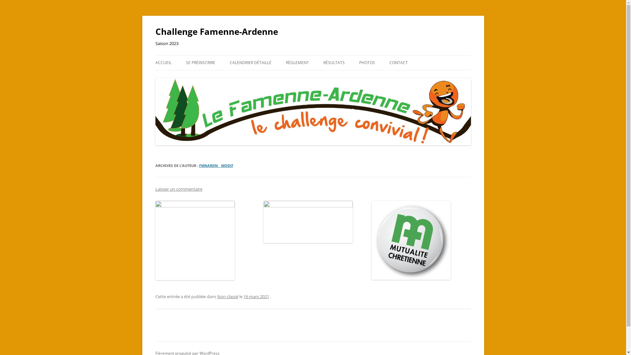 The height and width of the screenshot is (355, 631). Describe the element at coordinates (398, 63) in the screenshot. I see `'CONTACT'` at that location.